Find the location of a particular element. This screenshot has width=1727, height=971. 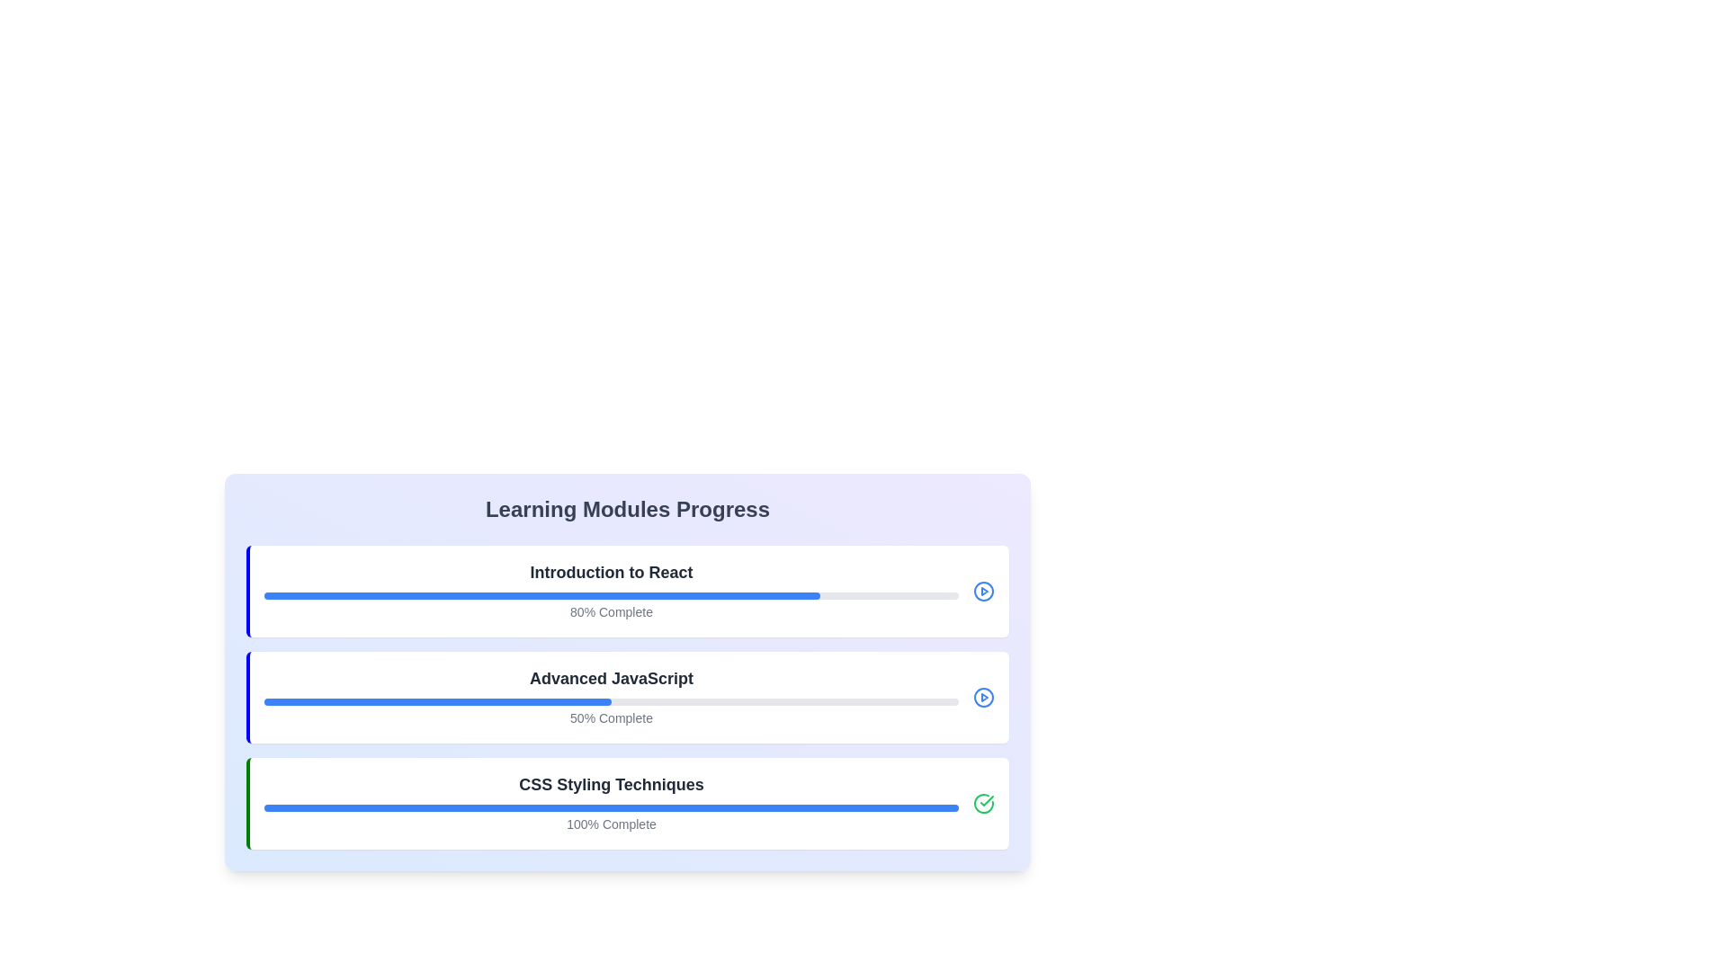

text label indicating the title of the third module in the vertical list of progress modules, located above the progress bar and completion percentage is located at coordinates (612, 783).